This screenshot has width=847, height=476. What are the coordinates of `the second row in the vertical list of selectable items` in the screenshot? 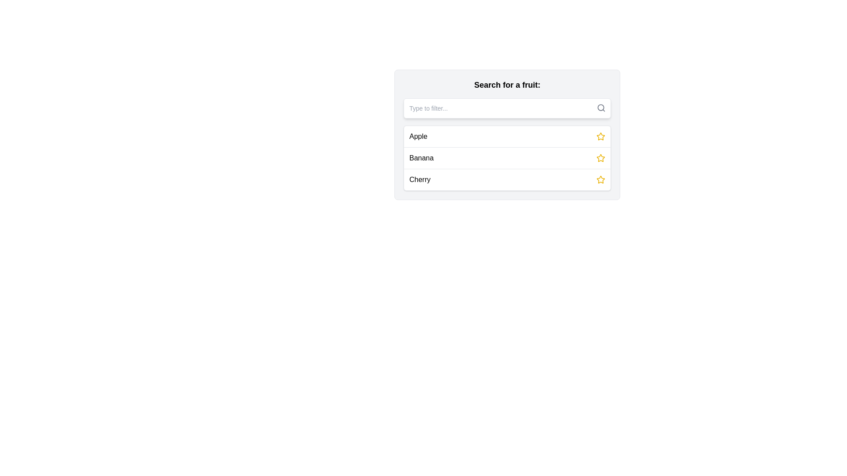 It's located at (507, 157).